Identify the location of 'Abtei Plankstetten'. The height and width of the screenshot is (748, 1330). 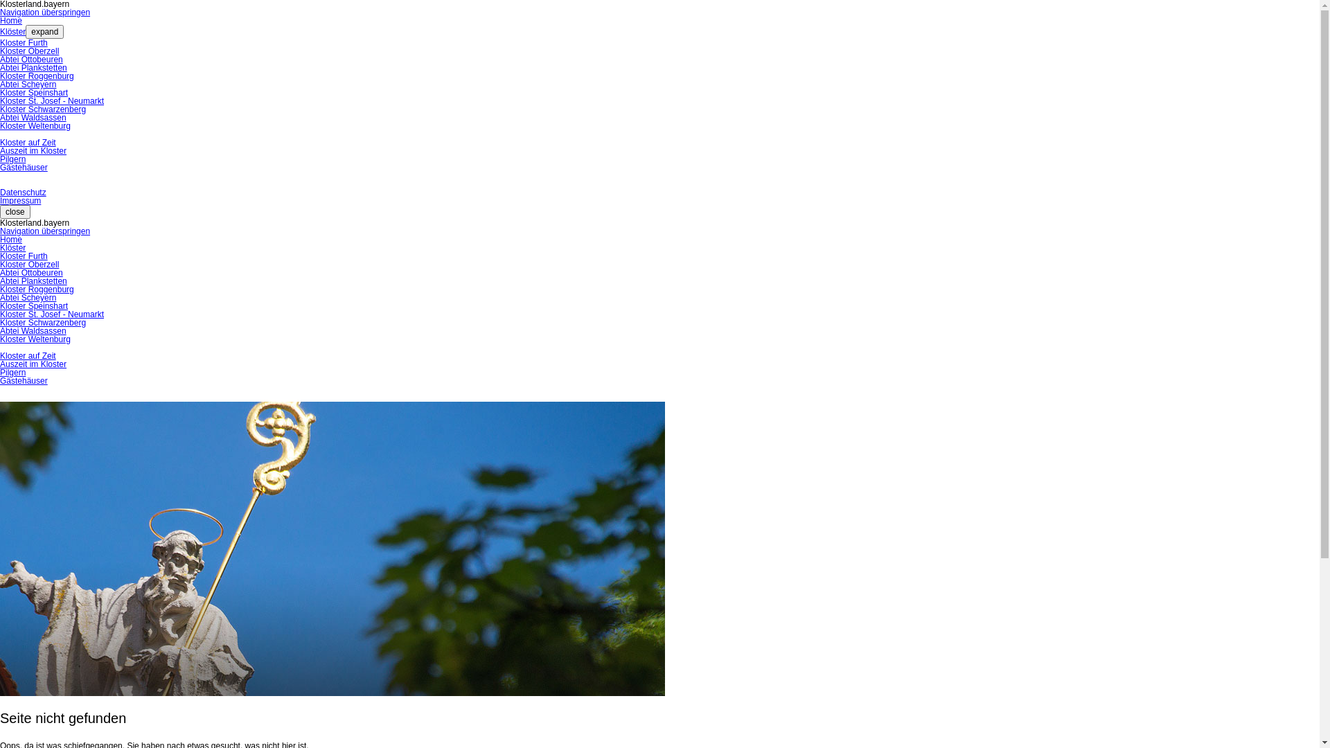
(33, 280).